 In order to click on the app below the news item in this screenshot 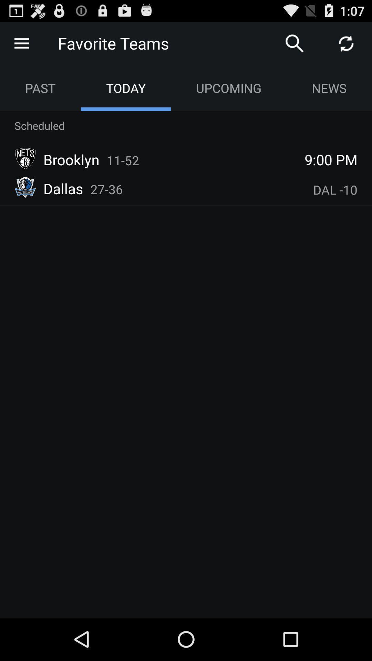, I will do `click(331, 159)`.